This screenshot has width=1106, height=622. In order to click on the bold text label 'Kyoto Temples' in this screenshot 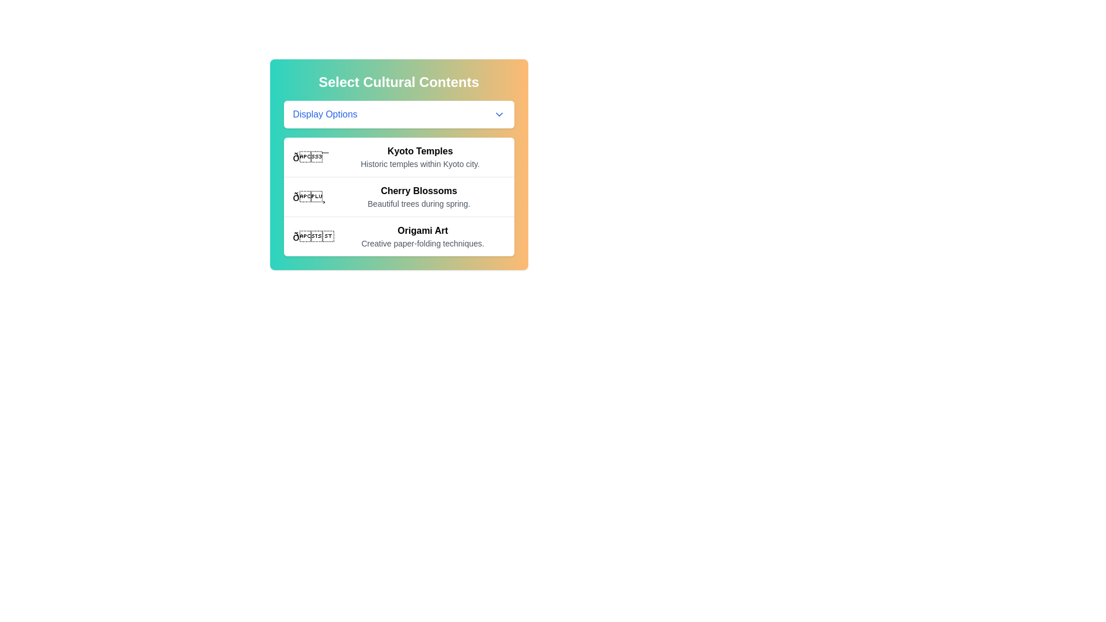, I will do `click(419, 150)`.